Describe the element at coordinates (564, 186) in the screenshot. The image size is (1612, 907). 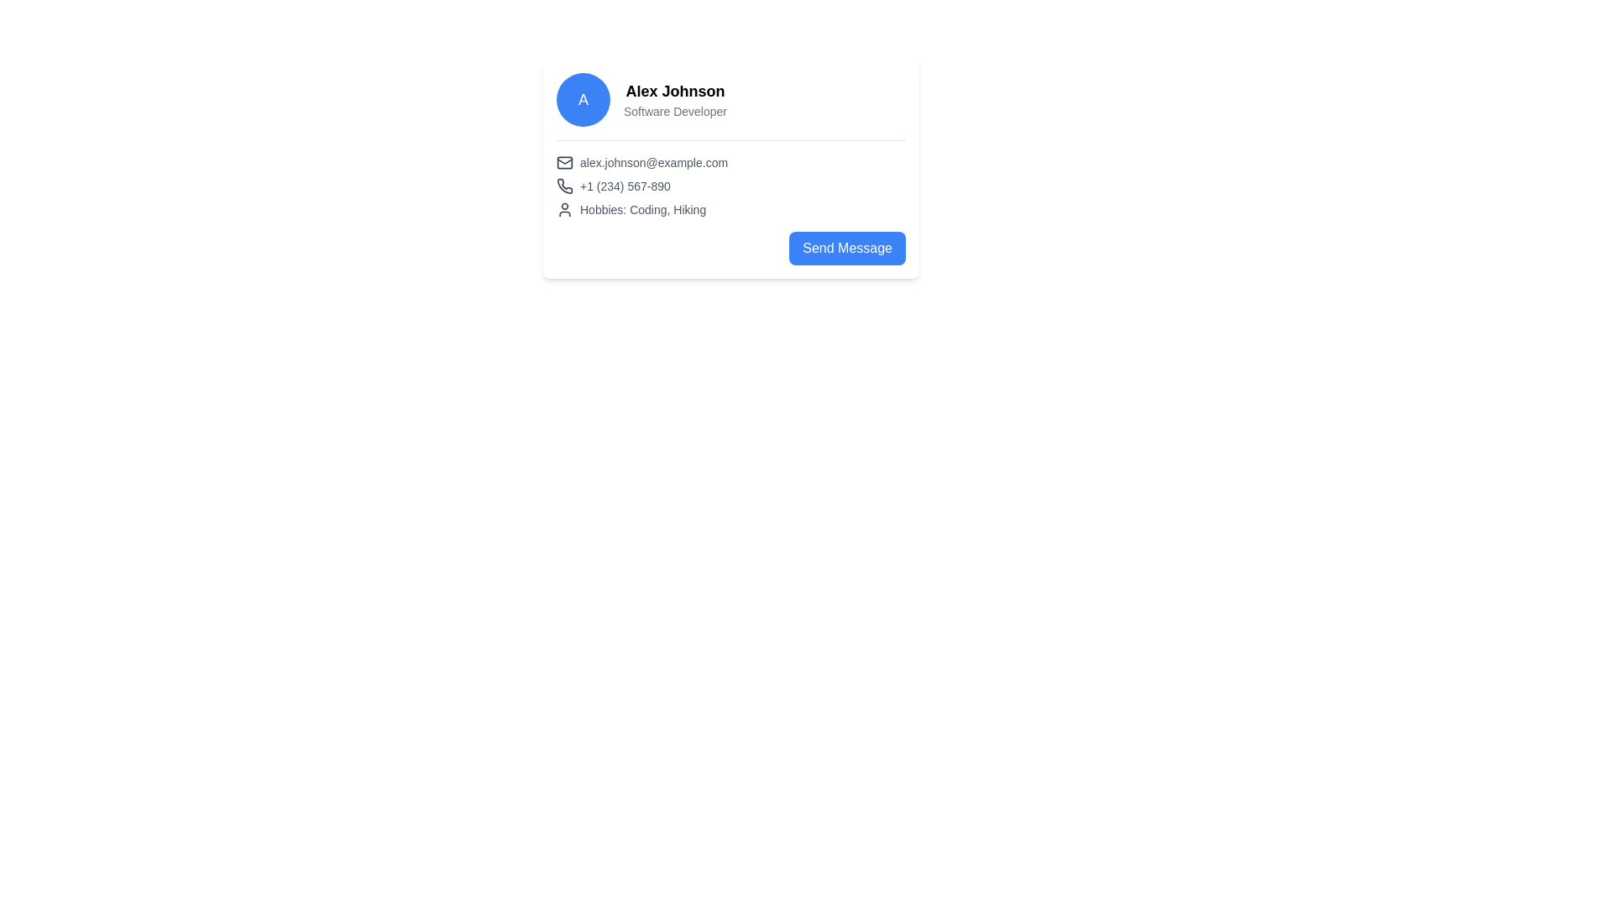
I see `the phone icon next to the phone number field '+1 (234) 567-890'` at that location.